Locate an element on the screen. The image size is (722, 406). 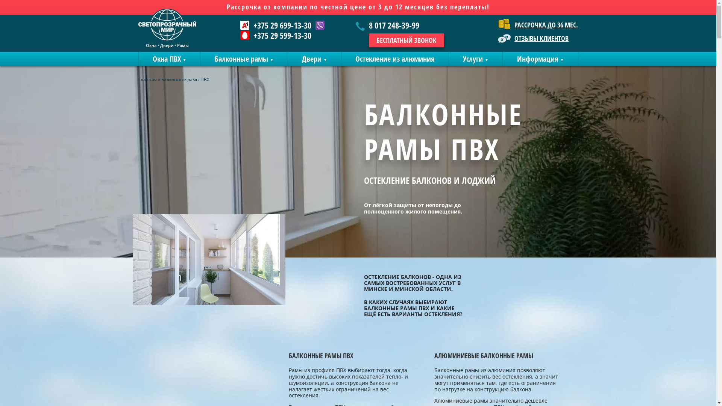
'8 017 248-39-99' is located at coordinates (399, 26).